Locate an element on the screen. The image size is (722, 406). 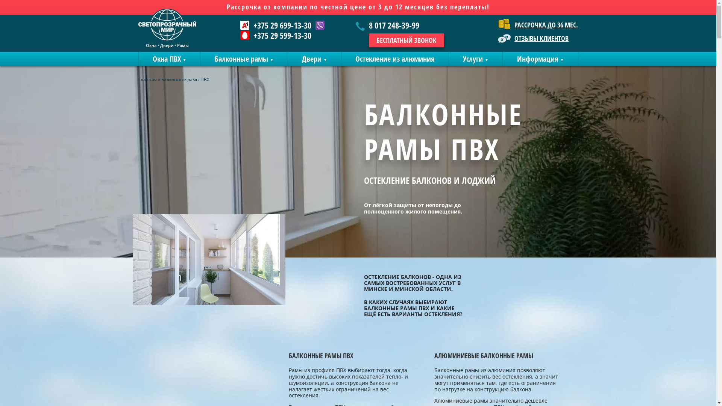
'8 017 248-39-99' is located at coordinates (399, 26).